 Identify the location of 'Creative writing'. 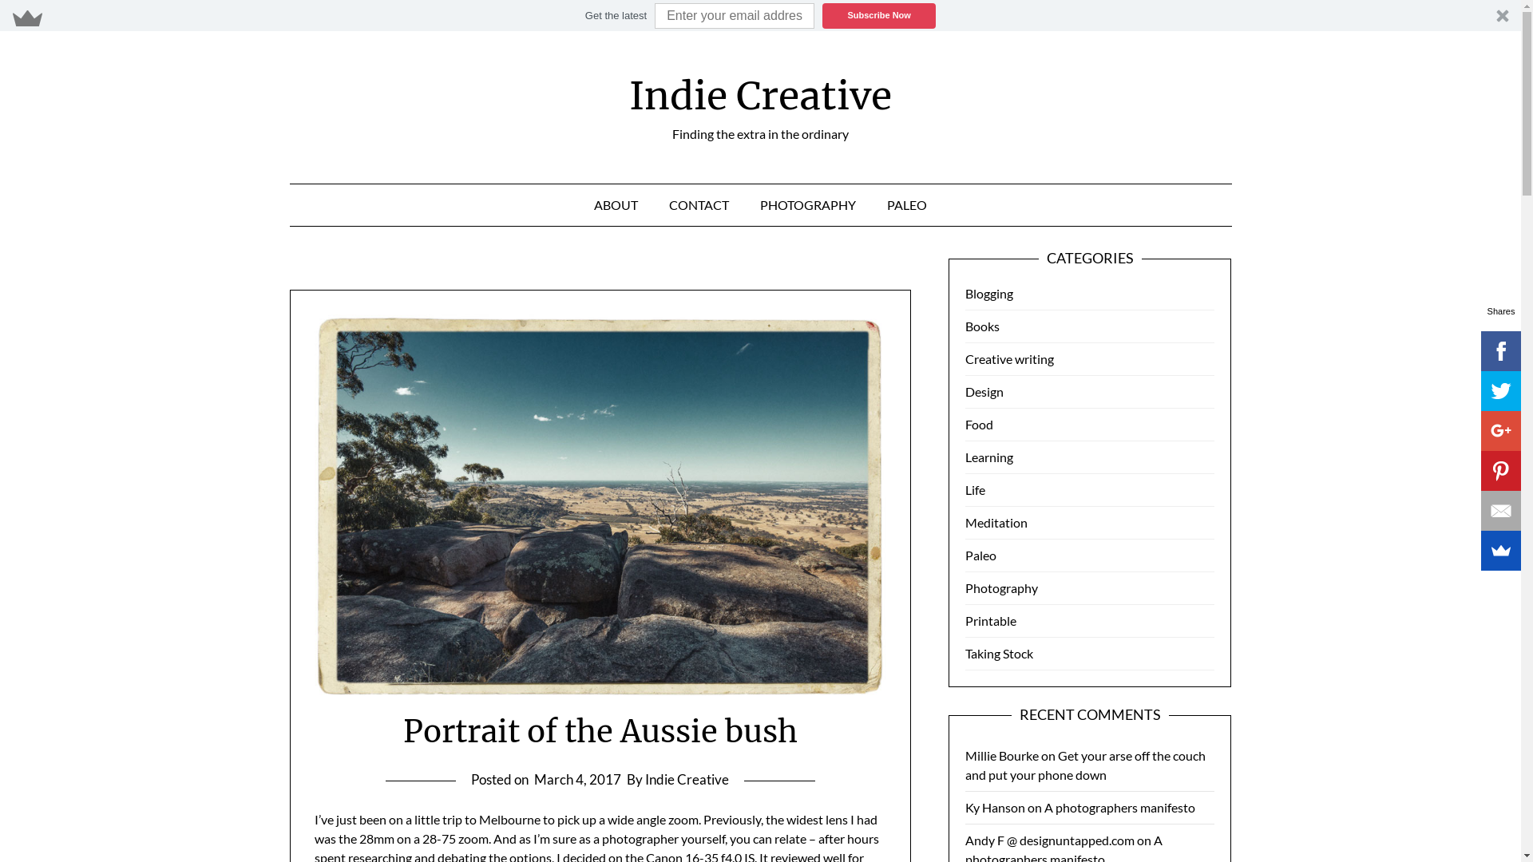
(965, 358).